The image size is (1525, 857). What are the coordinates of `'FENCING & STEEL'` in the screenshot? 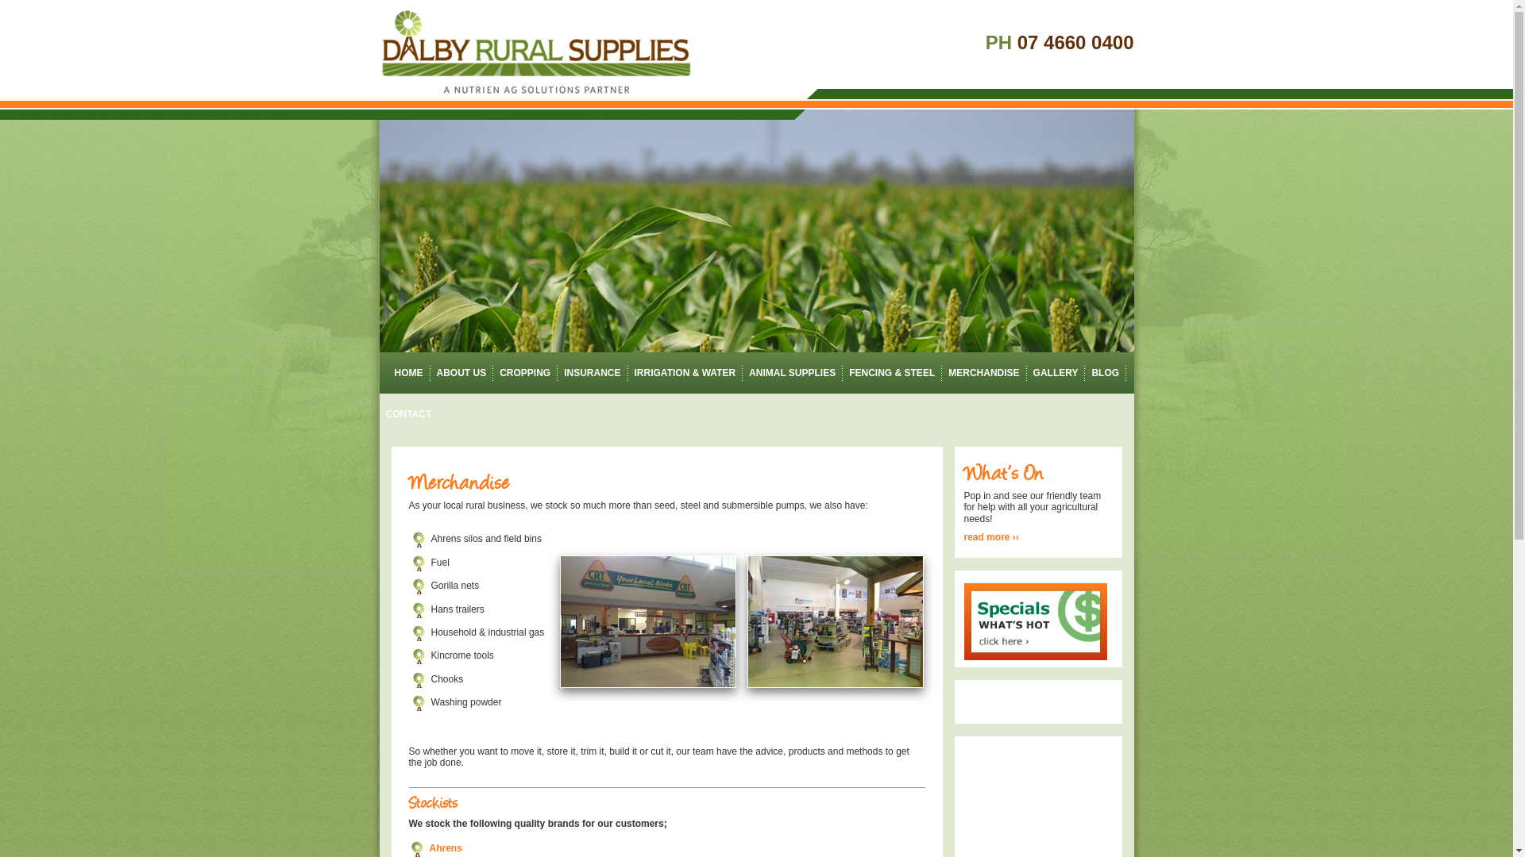 It's located at (892, 373).